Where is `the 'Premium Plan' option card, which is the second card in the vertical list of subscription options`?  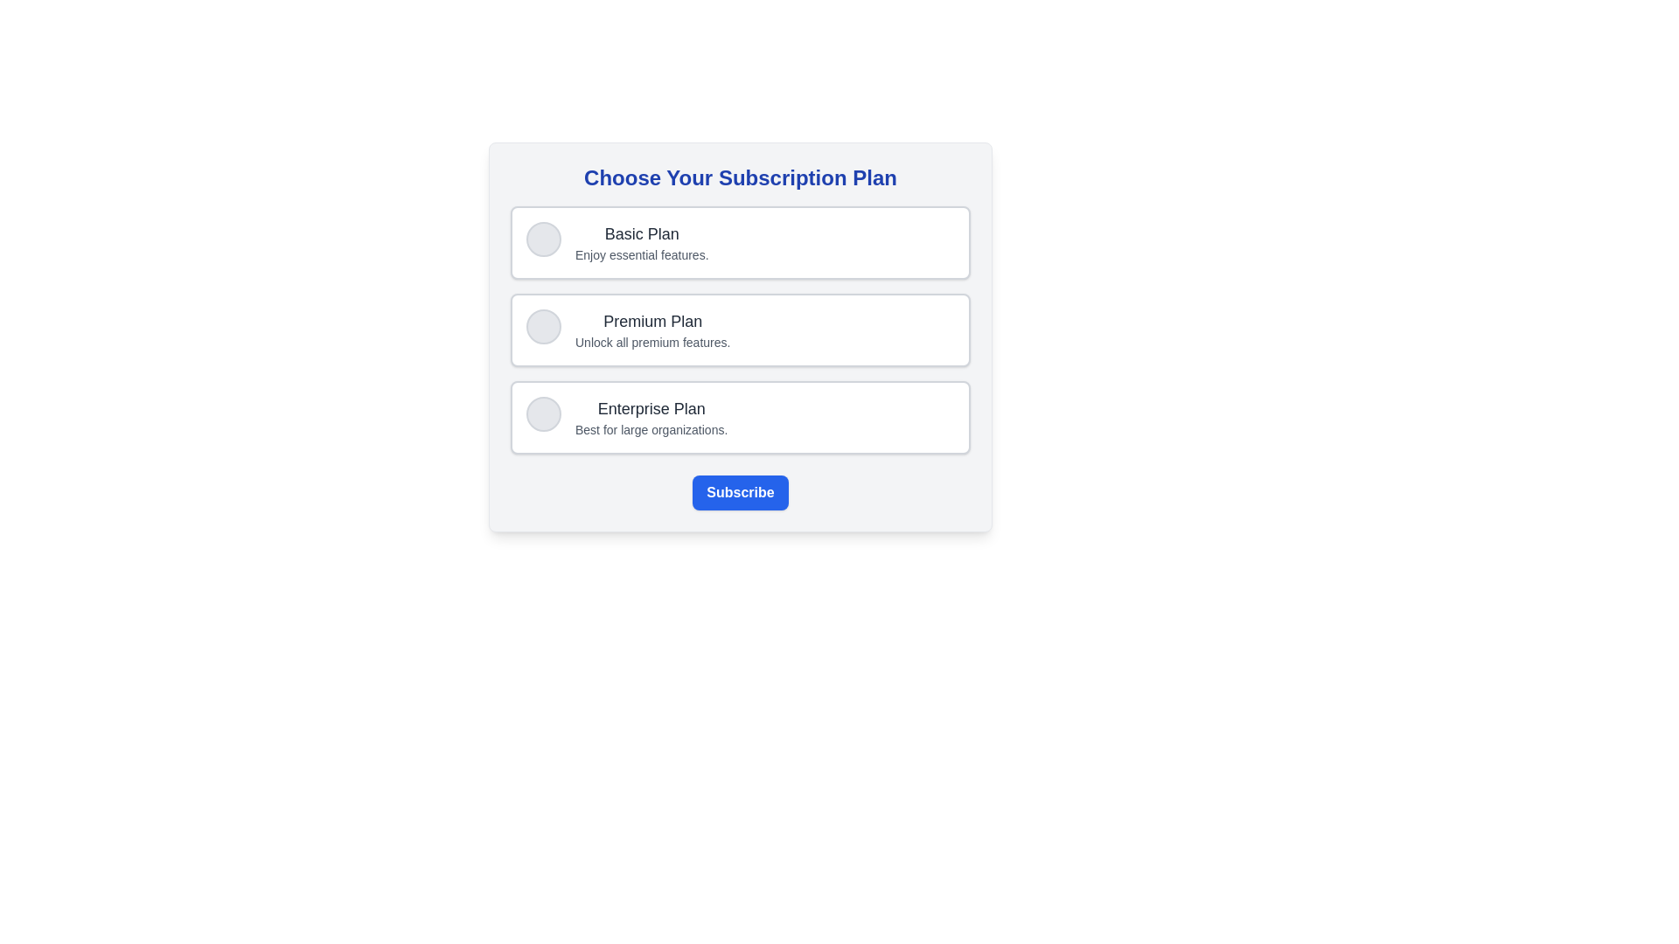 the 'Premium Plan' option card, which is the second card in the vertical list of subscription options is located at coordinates (740, 330).